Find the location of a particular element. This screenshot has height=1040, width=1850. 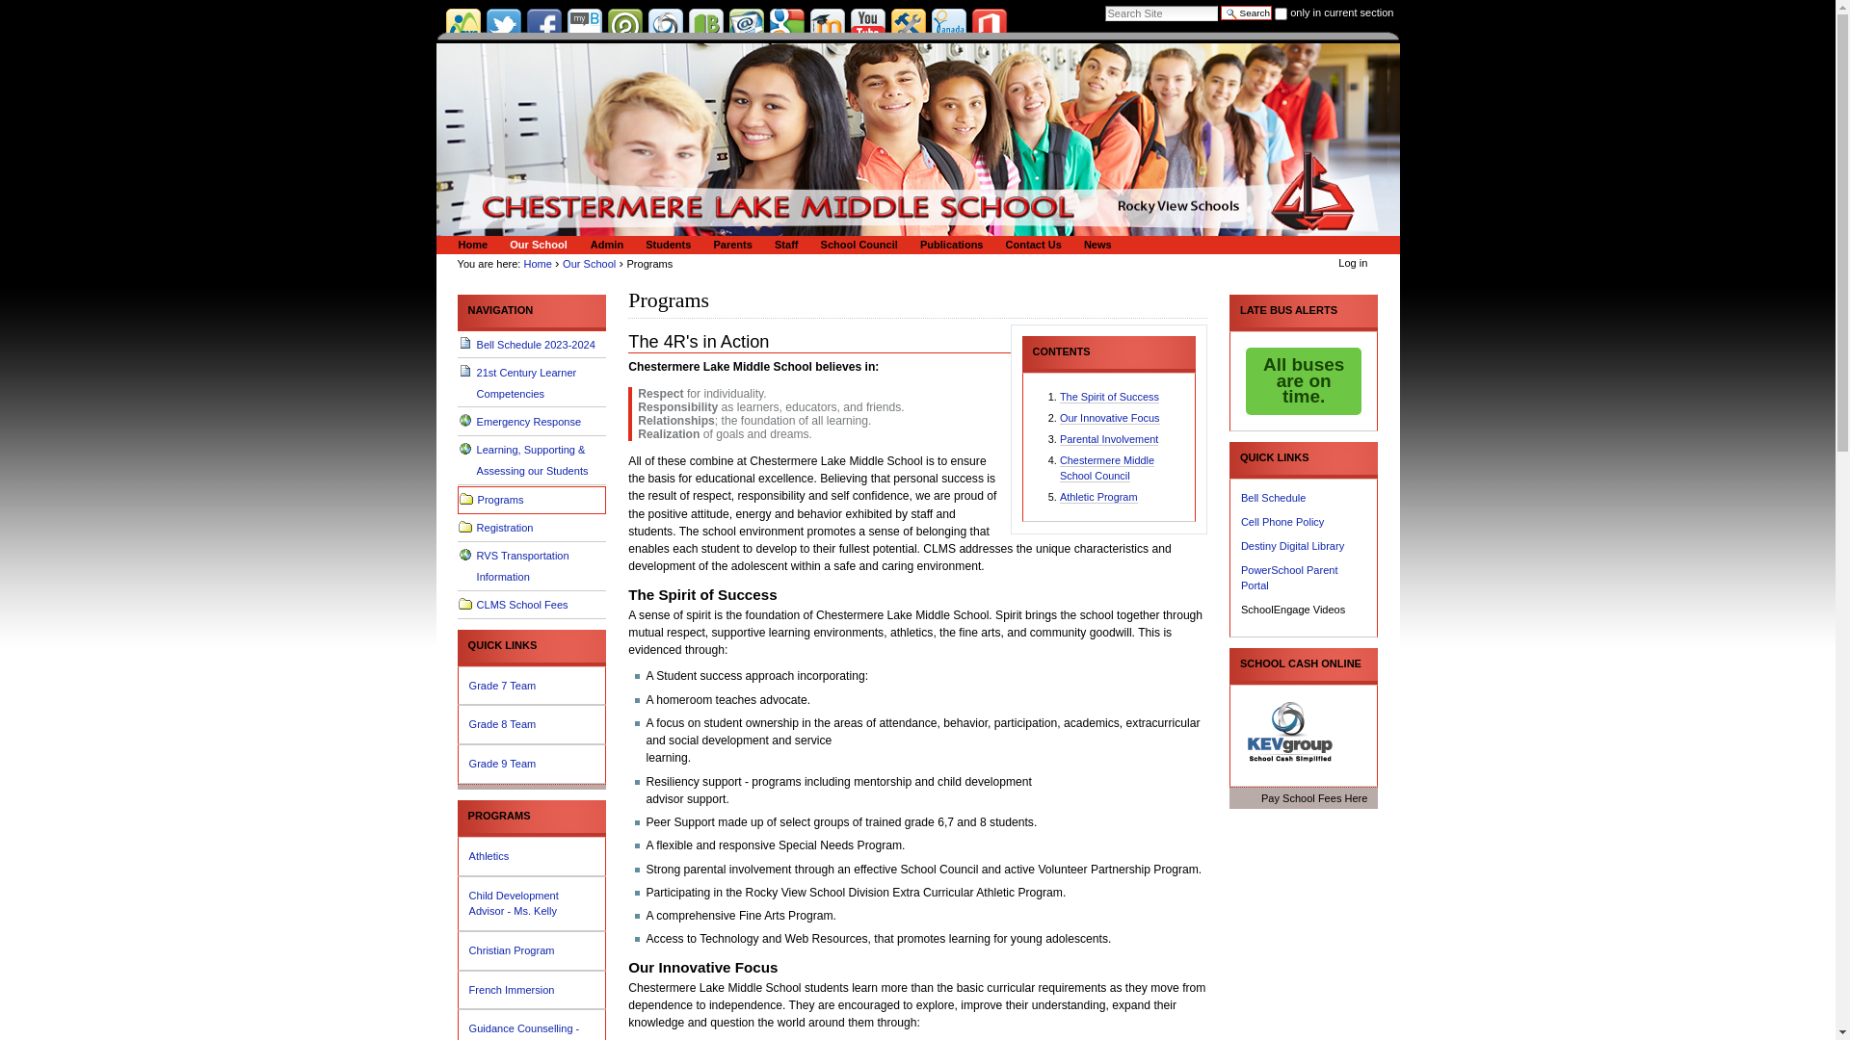

'Registration' is located at coordinates (457, 528).